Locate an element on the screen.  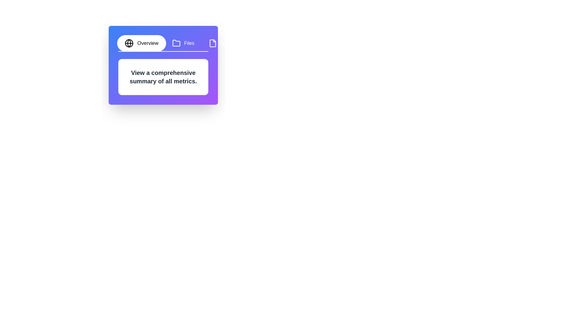
icon next to the tab labeled Files is located at coordinates (176, 43).